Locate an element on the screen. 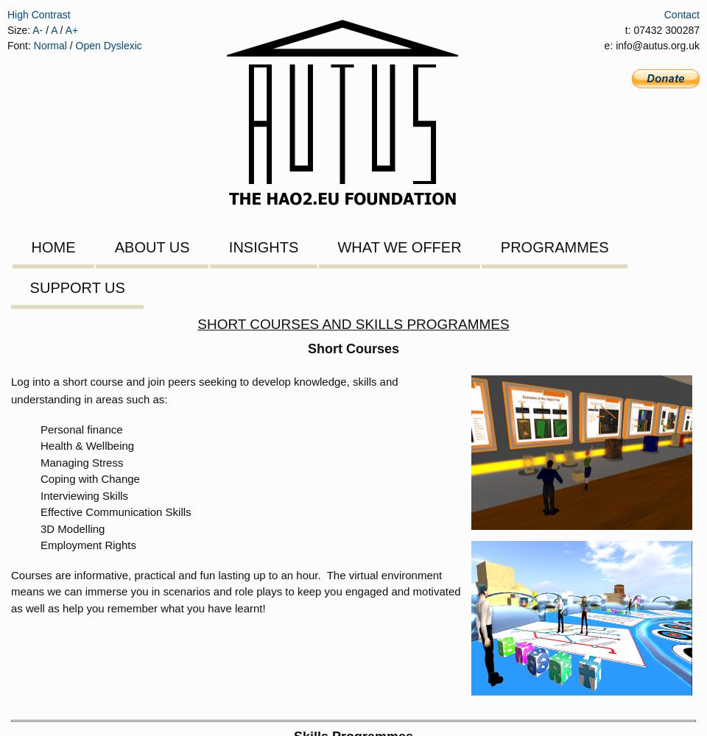  '3D Modelling' is located at coordinates (72, 527).